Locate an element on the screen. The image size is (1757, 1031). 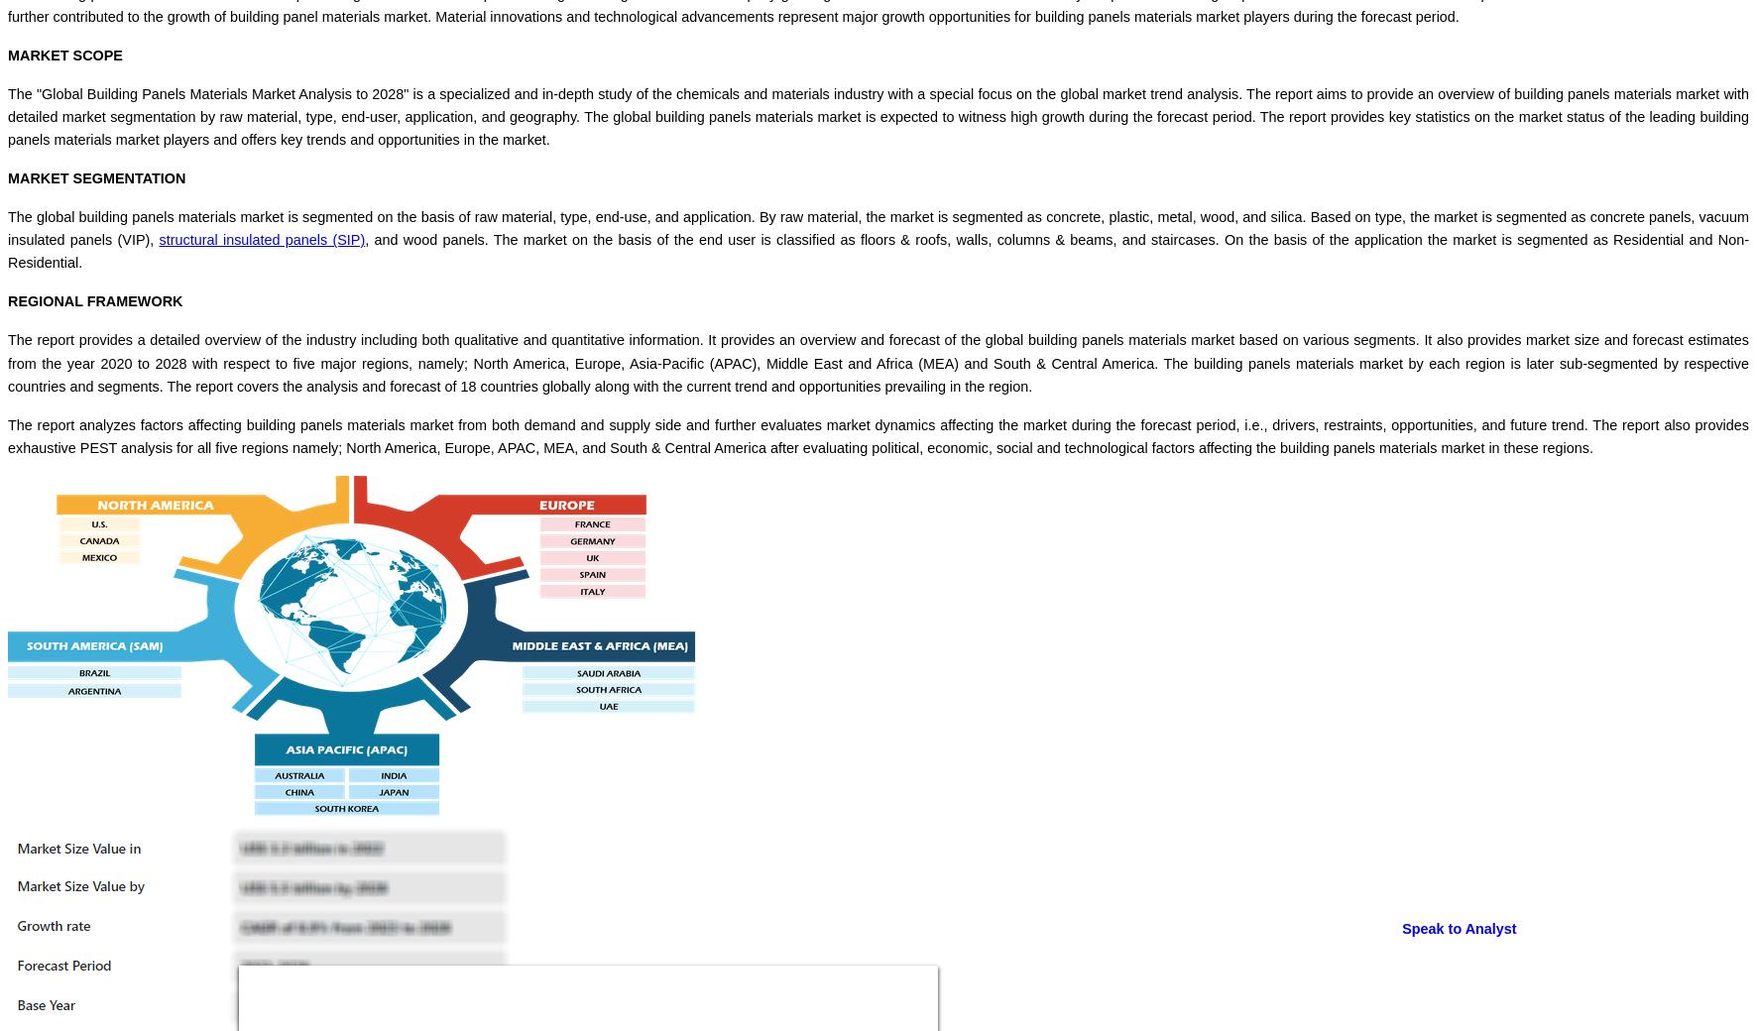
'We accept all major credit cards and bank cards' is located at coordinates (151, 844).